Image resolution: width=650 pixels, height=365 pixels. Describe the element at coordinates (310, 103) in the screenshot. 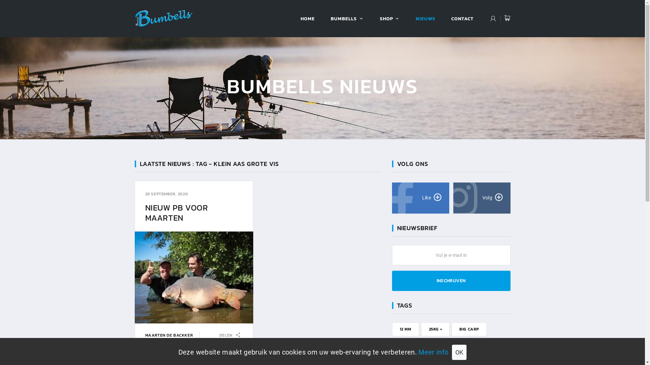

I see `'HOME'` at that location.